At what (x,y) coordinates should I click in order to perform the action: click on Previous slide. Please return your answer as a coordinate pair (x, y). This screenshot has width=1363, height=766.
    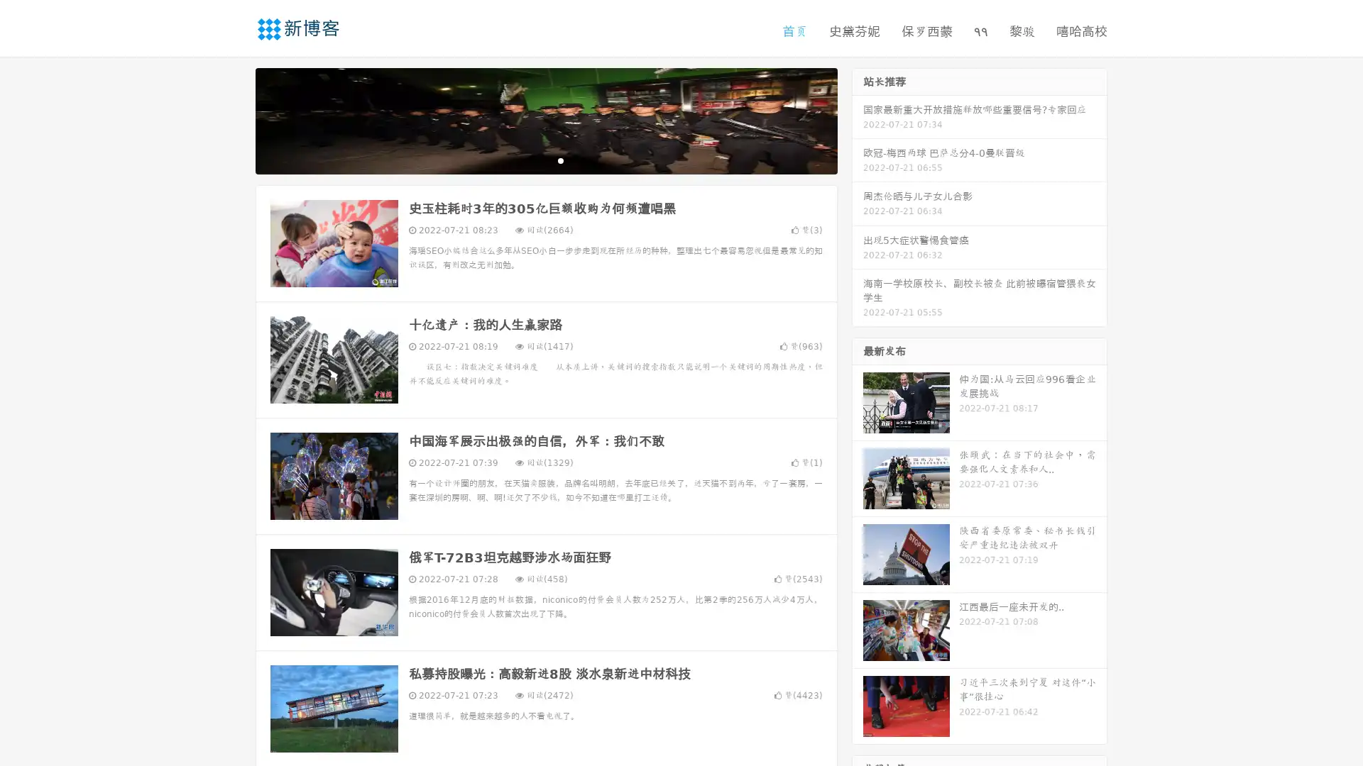
    Looking at the image, I should click on (234, 119).